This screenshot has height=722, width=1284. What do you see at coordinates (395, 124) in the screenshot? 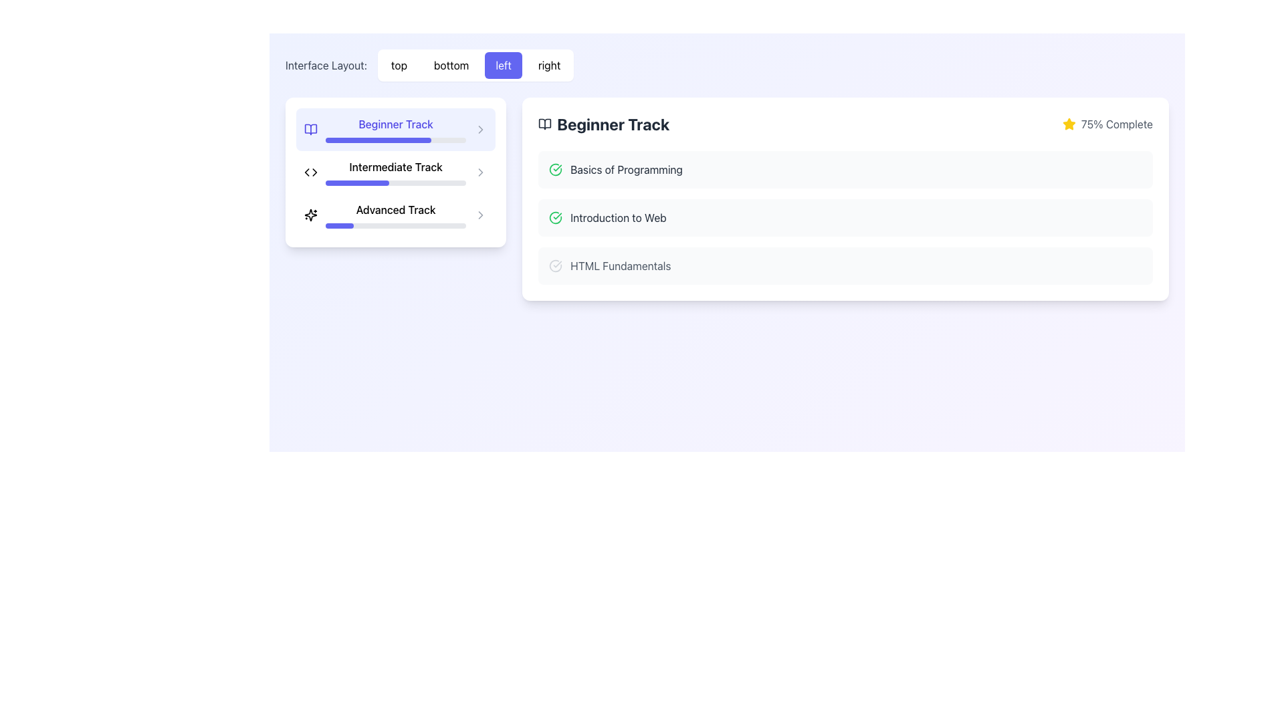
I see `text label 'Beginner Track' displayed in bold font at the top of the vertically stacked list of labels` at bounding box center [395, 124].